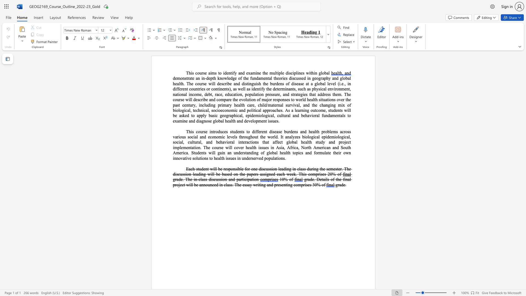 The width and height of the screenshot is (526, 296). I want to click on the 14th character "s" in the text, so click(264, 174).